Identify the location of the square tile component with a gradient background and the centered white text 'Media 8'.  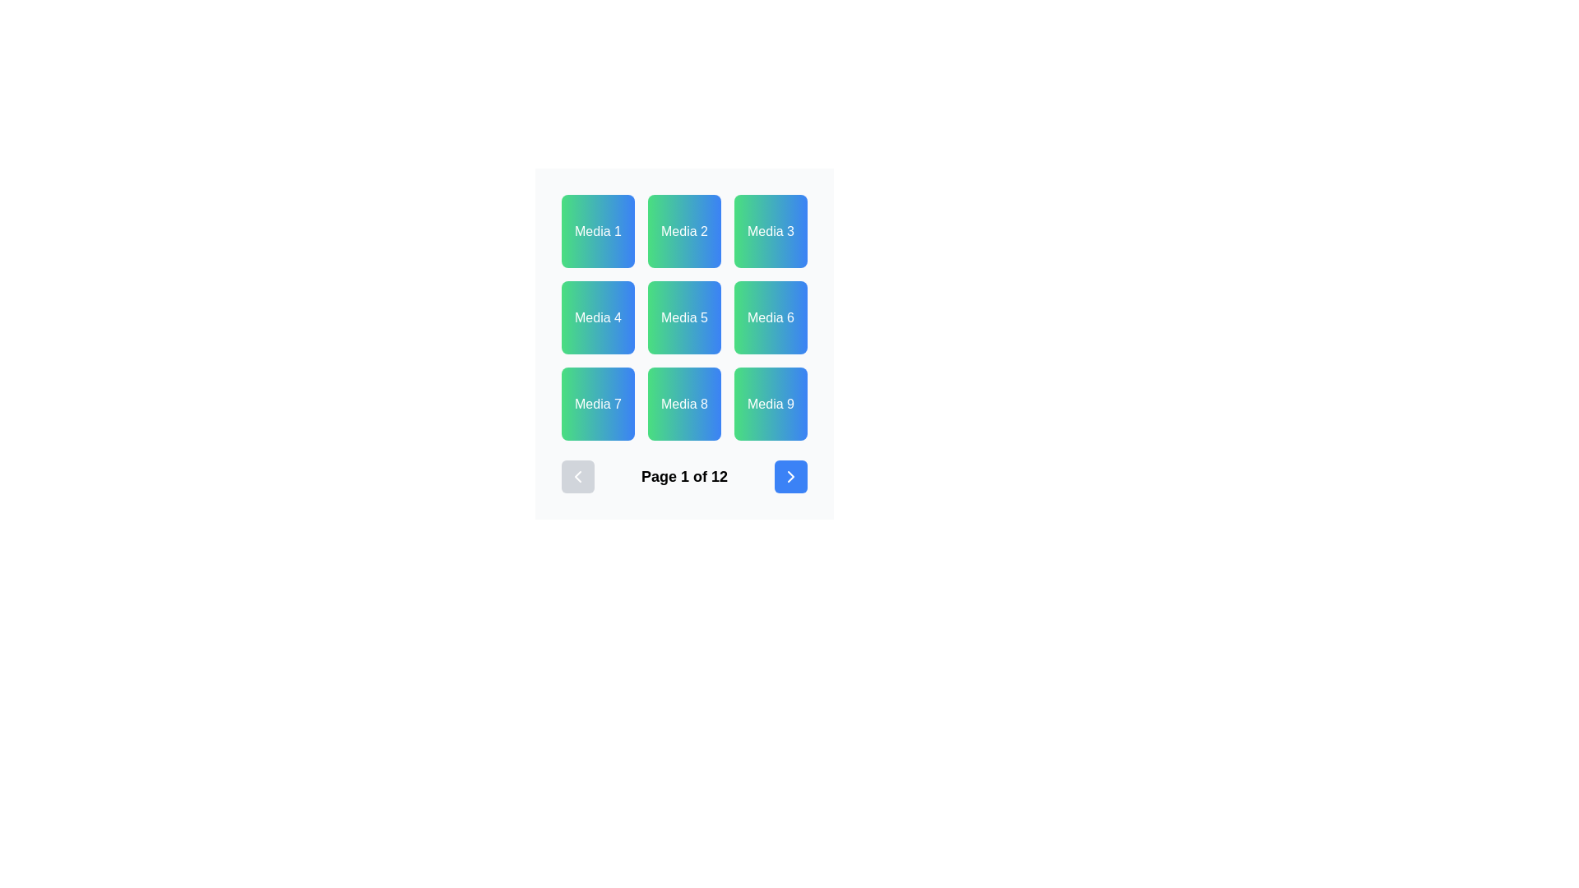
(684, 404).